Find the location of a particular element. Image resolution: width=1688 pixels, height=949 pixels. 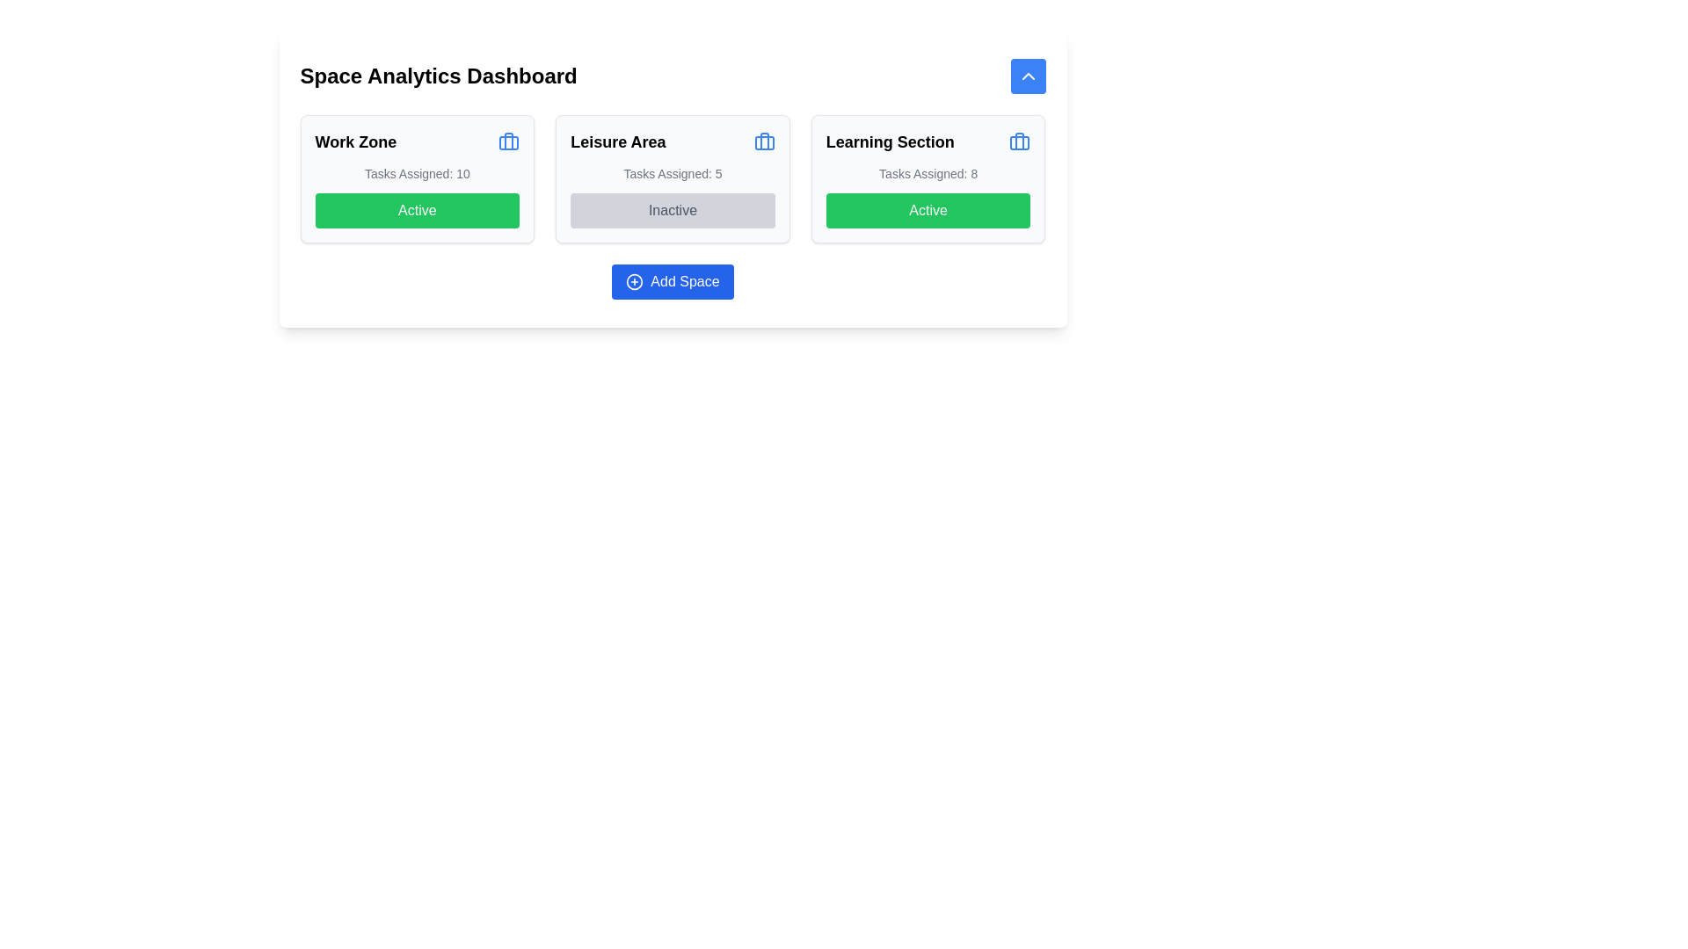

the decorative or functional indicator icon for the 'Learning Section' located at the top-right corner of the panel is located at coordinates (1020, 141).